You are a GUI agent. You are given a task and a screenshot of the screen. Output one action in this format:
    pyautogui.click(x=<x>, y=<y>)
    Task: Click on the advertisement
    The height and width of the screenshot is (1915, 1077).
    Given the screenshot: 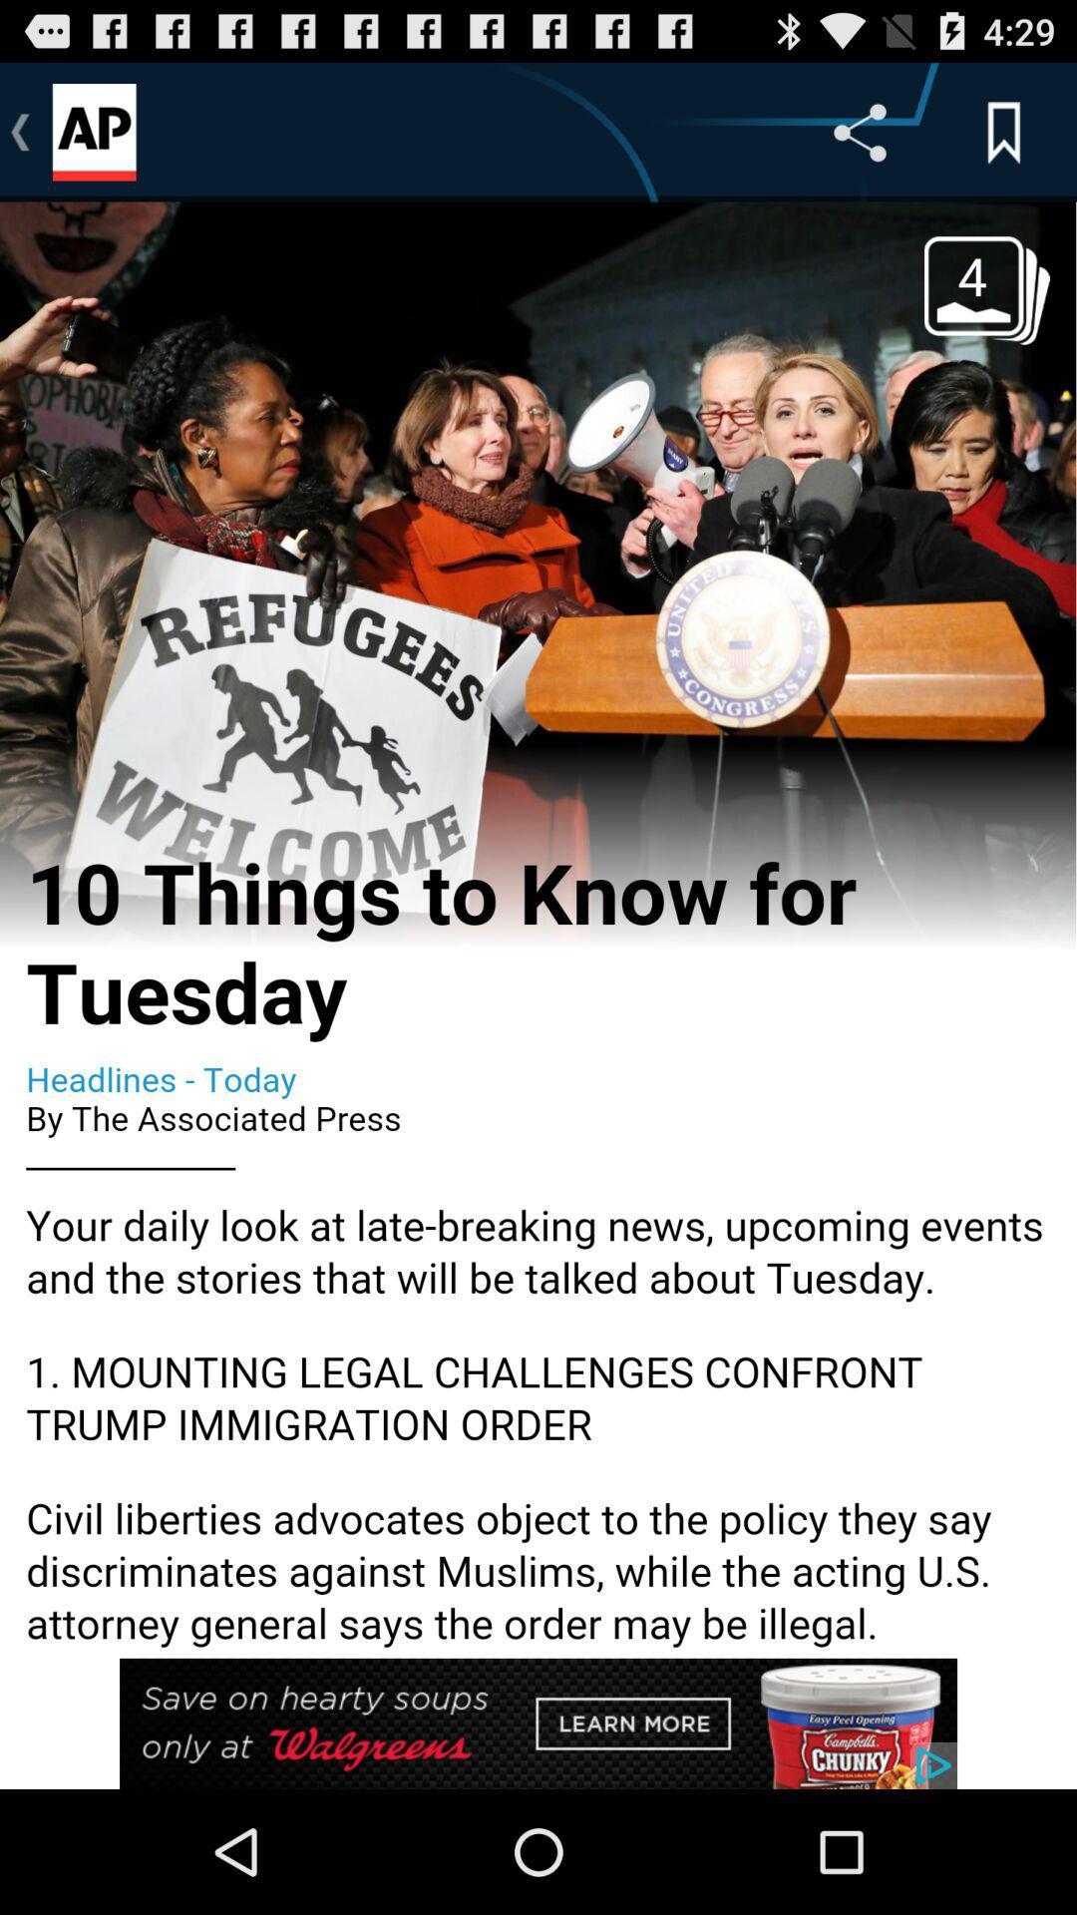 What is the action you would take?
    pyautogui.click(x=538, y=1723)
    